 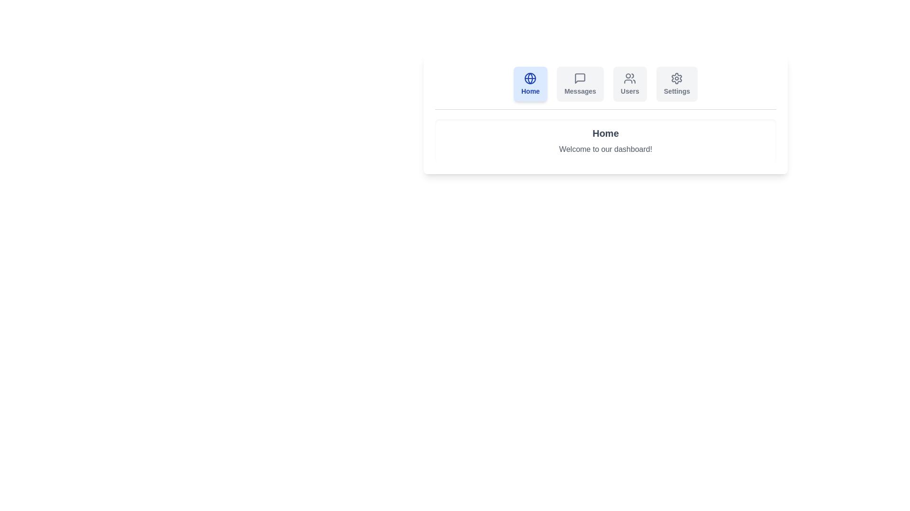 What do you see at coordinates (630, 83) in the screenshot?
I see `the Users tab to switch to its content` at bounding box center [630, 83].